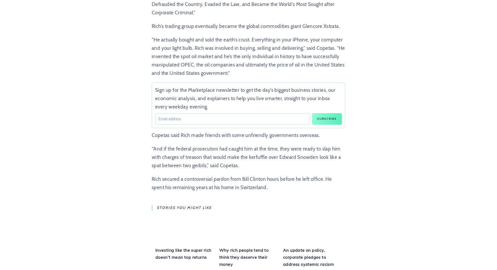  What do you see at coordinates (241, 183) in the screenshot?
I see `'Rich secured a controversial pardon from Bill Clinton hours before he left office. He spent his remaining years at his home in Switzerland.'` at bounding box center [241, 183].